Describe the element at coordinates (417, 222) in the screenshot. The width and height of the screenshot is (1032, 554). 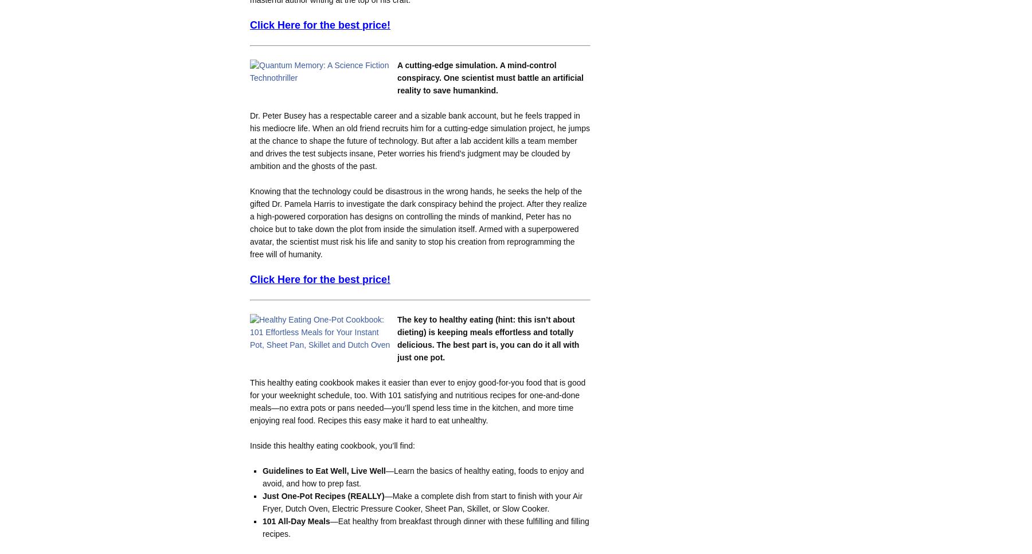
I see `'Knowing that the technology could be disastrous in the wrong hands, he seeks the help of the gifted Dr. Pamela Harris to investigate the dark conspiracy behind the project. After they realize a high-powered corporation has designs on controlling the minds of mankind, Peter has no choice but to take down the plot from inside the simulation itself. Armed with a superpowered avatar, the scientist must risk his life and sanity to stop his creation from reprogramming the free will of humanity.'` at that location.